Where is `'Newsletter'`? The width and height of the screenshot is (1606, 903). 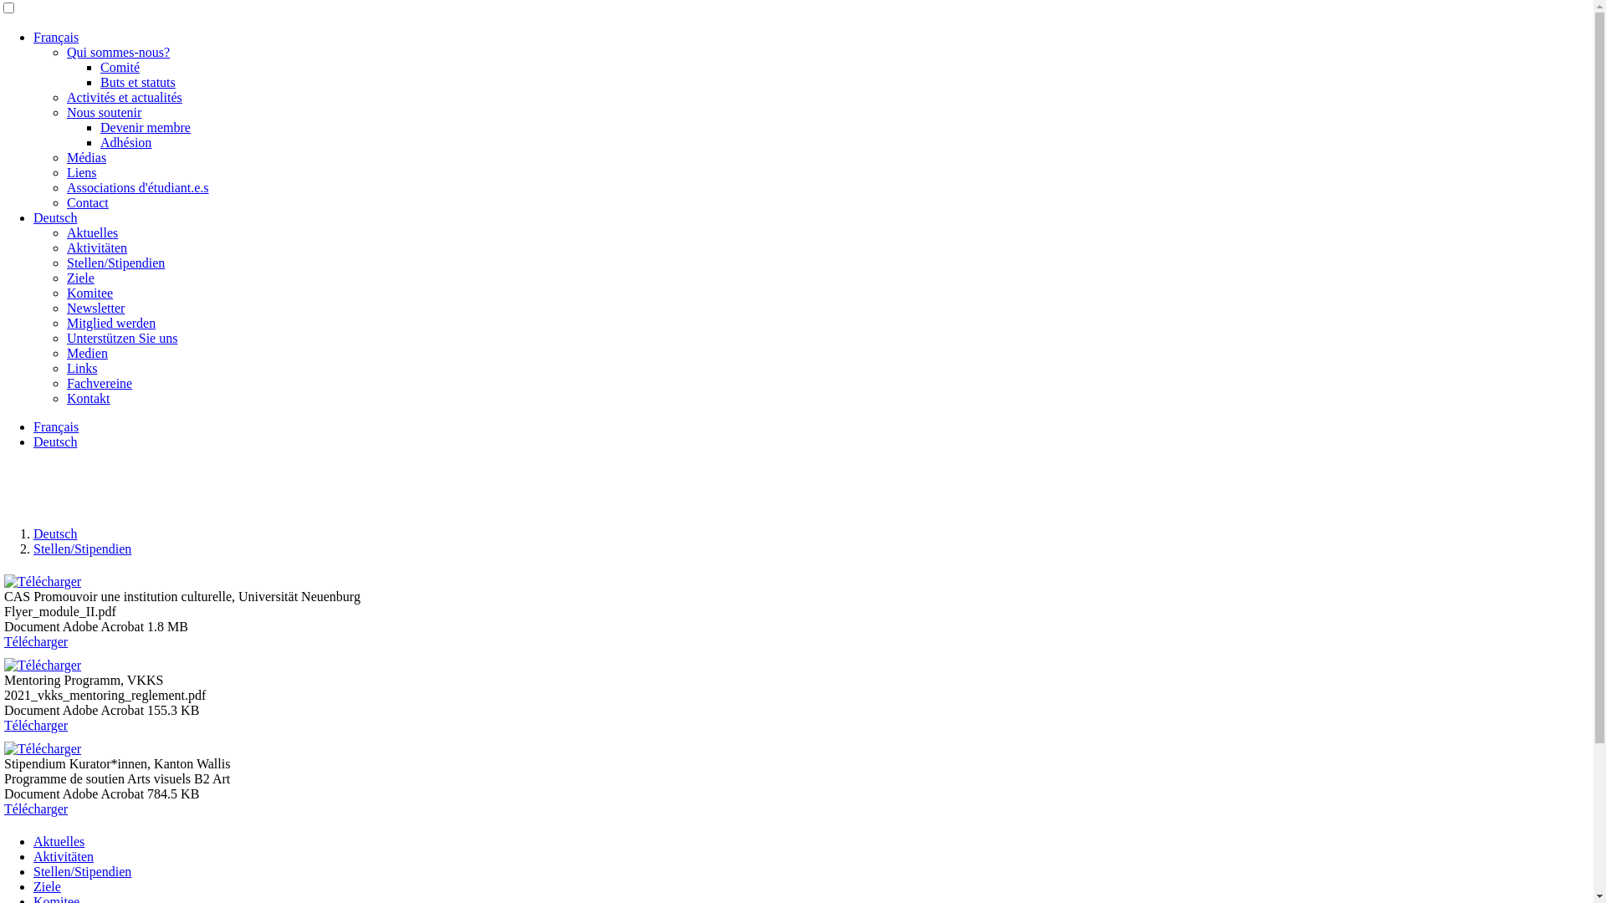
'Newsletter' is located at coordinates (95, 308).